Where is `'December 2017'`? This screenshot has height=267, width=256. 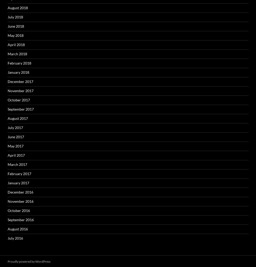 'December 2017' is located at coordinates (20, 81).